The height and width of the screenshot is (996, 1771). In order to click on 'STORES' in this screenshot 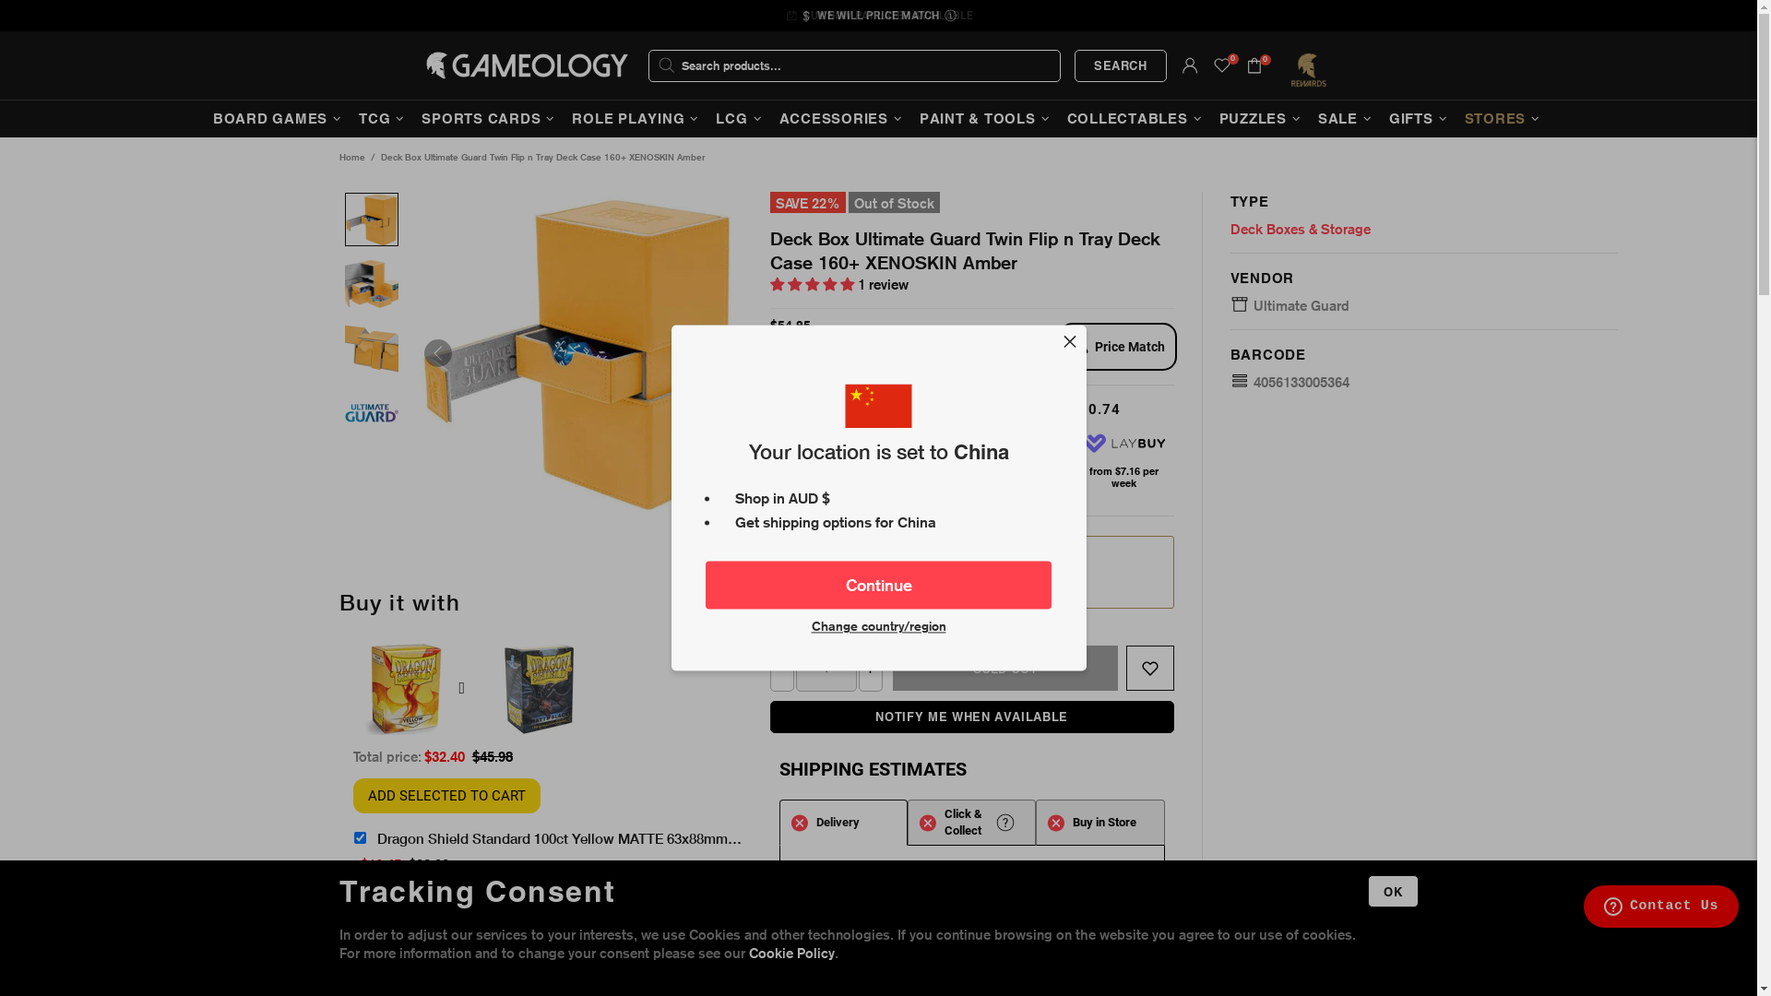, I will do `click(1456, 118)`.